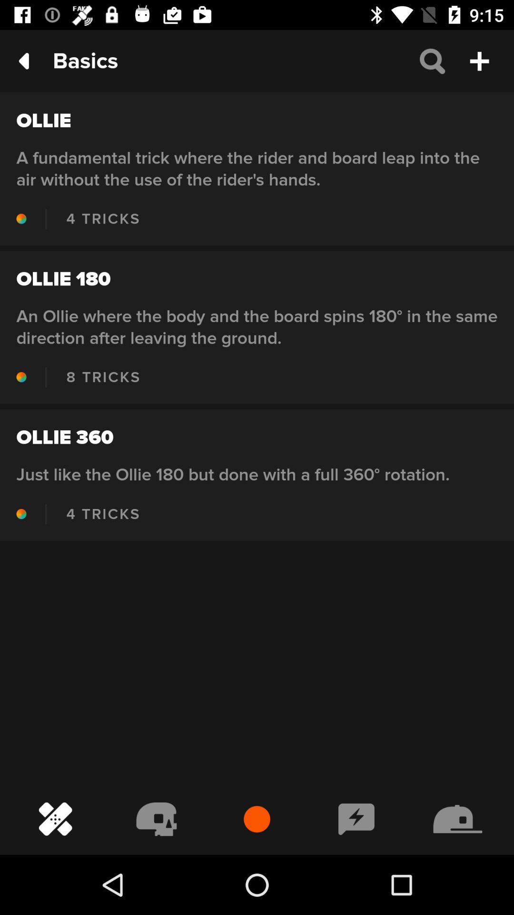 Image resolution: width=514 pixels, height=915 pixels. What do you see at coordinates (432, 61) in the screenshot?
I see `the search icon` at bounding box center [432, 61].